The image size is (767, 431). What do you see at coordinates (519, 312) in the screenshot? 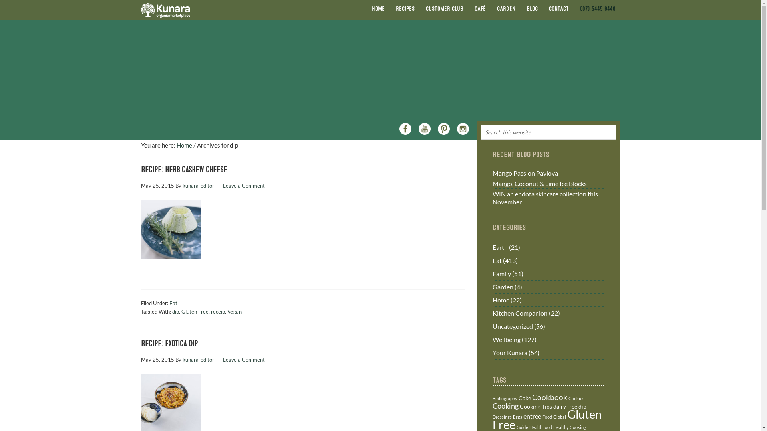
I see `'Kitchen Companion'` at bounding box center [519, 312].